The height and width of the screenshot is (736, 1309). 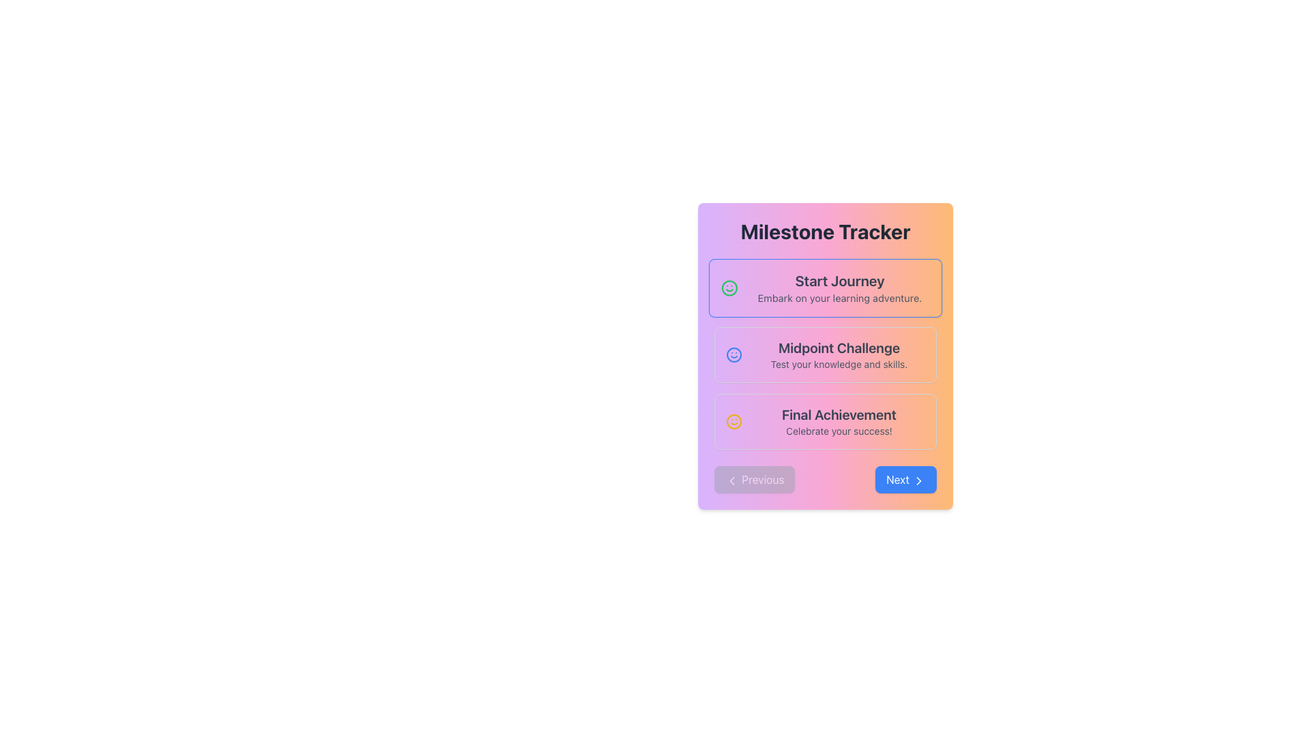 What do you see at coordinates (729, 288) in the screenshot?
I see `the icon that symbolizes starting a positive journey, located in the 'Start Journey' box, aligned with the title and text` at bounding box center [729, 288].